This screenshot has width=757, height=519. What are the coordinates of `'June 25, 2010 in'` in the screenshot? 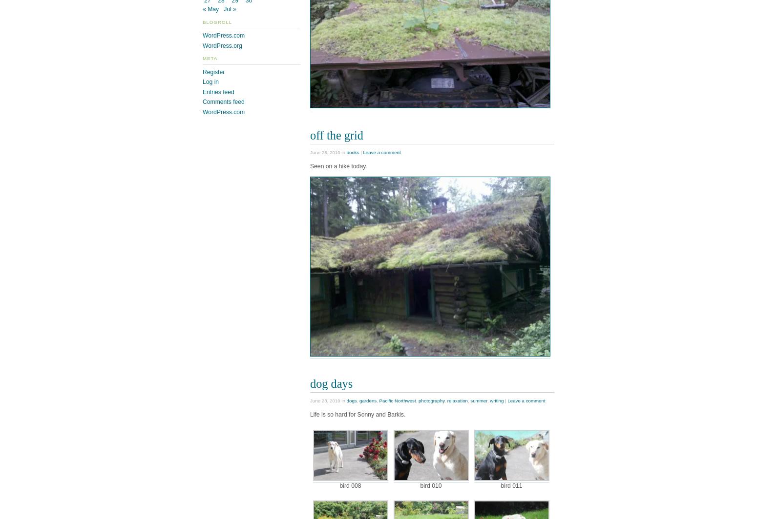 It's located at (327, 152).